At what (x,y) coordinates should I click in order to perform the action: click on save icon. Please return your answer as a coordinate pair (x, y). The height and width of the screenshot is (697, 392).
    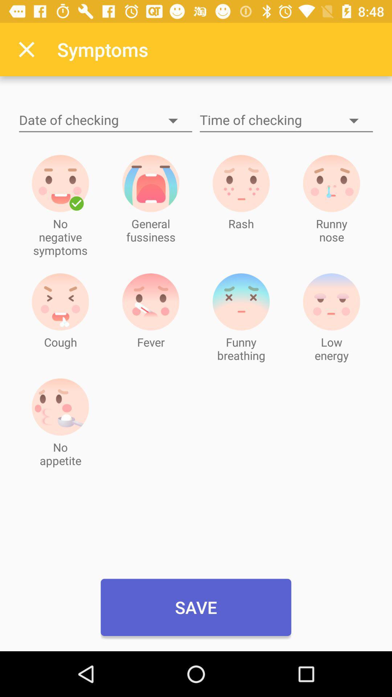
    Looking at the image, I should click on (196, 607).